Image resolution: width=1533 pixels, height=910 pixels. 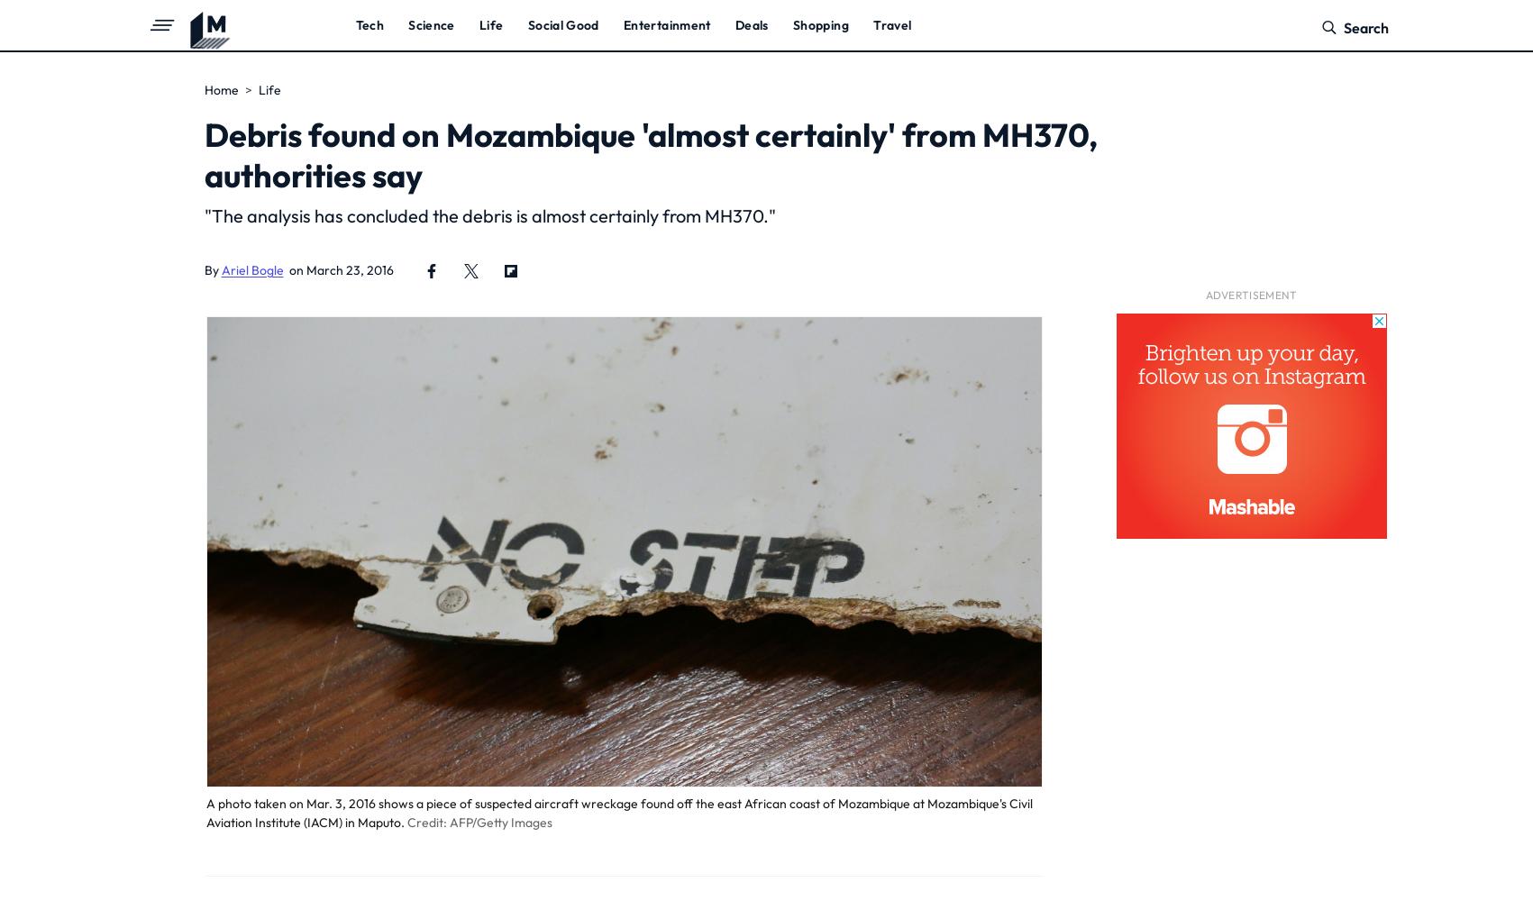 I want to click on 'Travel', so click(x=891, y=23).